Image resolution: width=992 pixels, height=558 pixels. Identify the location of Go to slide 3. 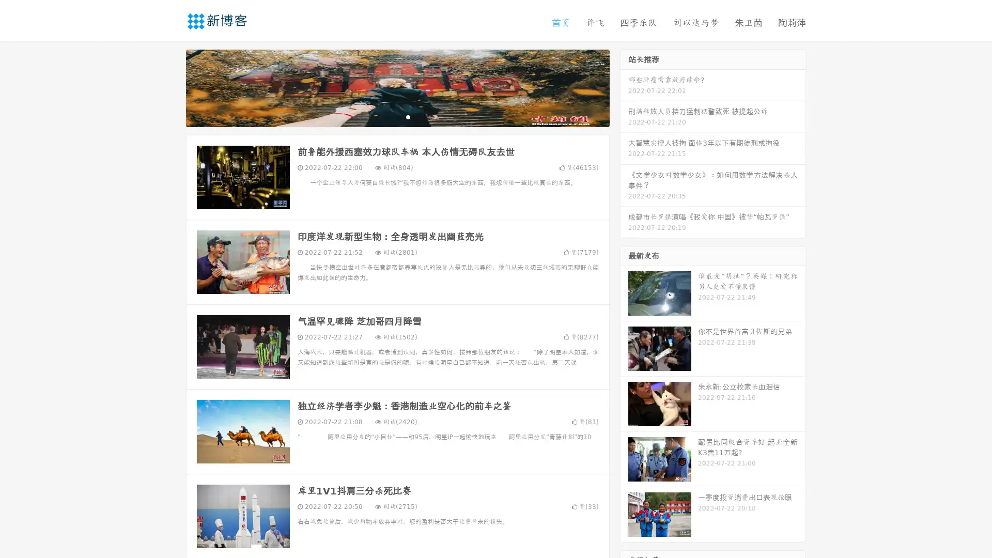
(408, 116).